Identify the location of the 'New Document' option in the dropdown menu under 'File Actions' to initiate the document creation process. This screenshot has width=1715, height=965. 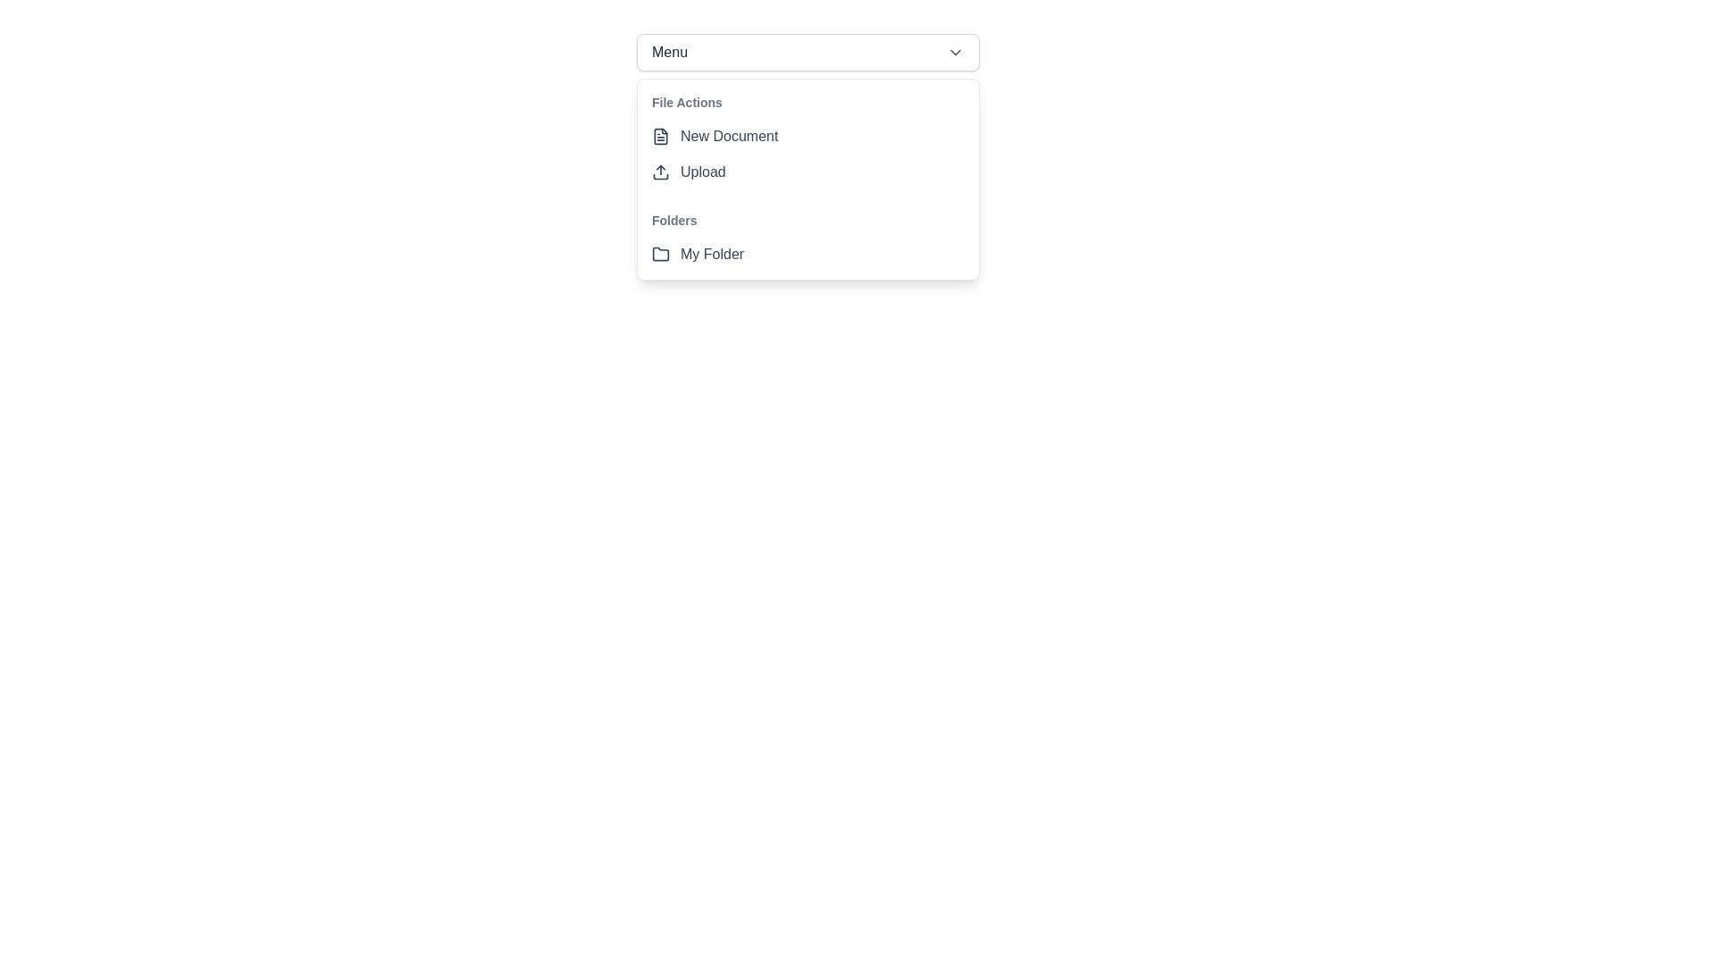
(729, 136).